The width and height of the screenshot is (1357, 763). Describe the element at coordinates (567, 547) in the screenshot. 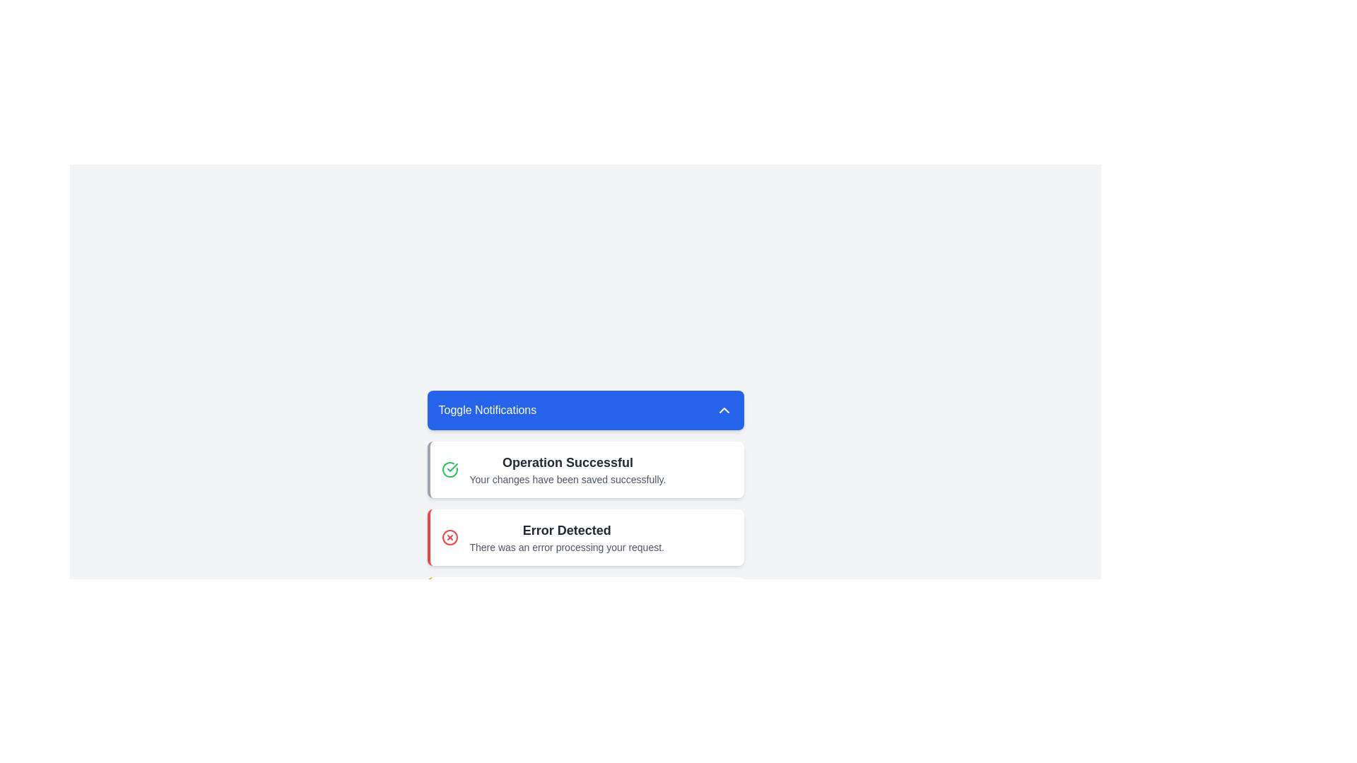

I see `the explanatory text located below the 'Error Detected' header in the notification card` at that location.